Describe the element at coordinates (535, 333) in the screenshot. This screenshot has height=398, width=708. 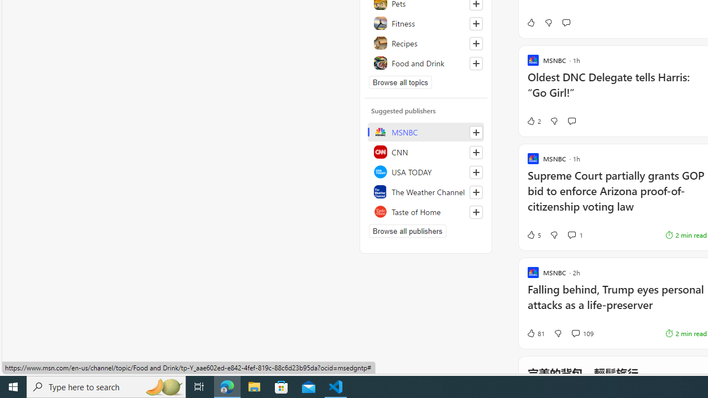
I see `'81 Like'` at that location.